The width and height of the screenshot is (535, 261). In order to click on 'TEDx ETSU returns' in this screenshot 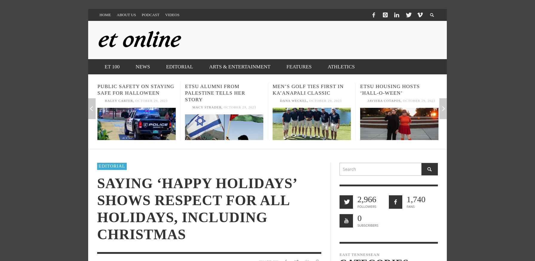, I will do `click(447, 86)`.